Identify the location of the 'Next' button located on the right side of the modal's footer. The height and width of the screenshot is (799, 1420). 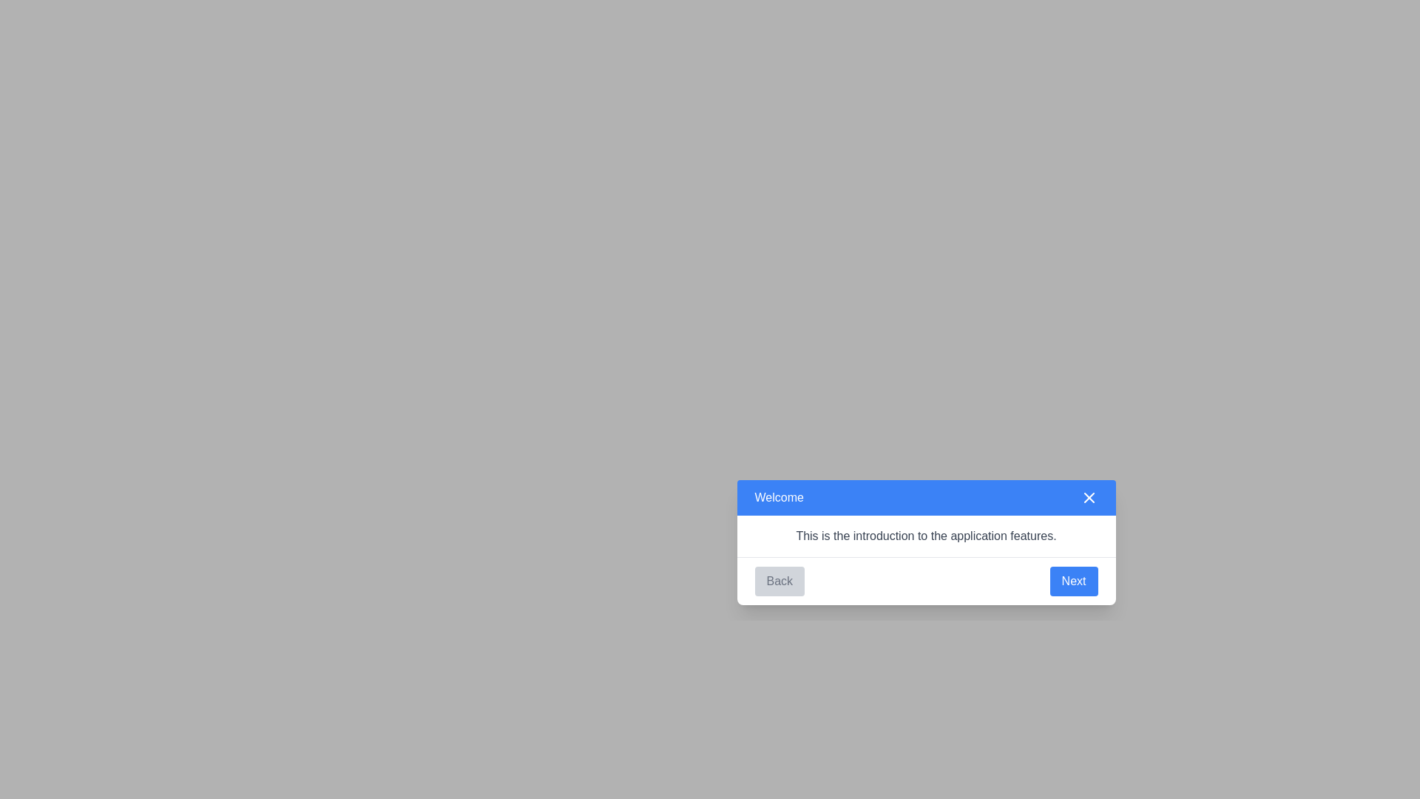
(1074, 580).